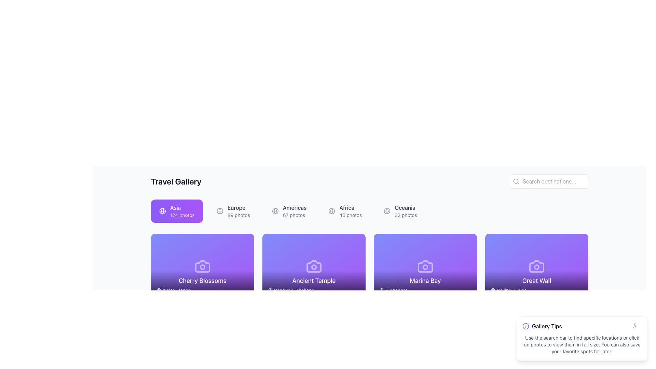 The image size is (656, 369). I want to click on the circular decorative element of the camera icon located at the center of the 'Cherry Blossoms' card, so click(202, 267).